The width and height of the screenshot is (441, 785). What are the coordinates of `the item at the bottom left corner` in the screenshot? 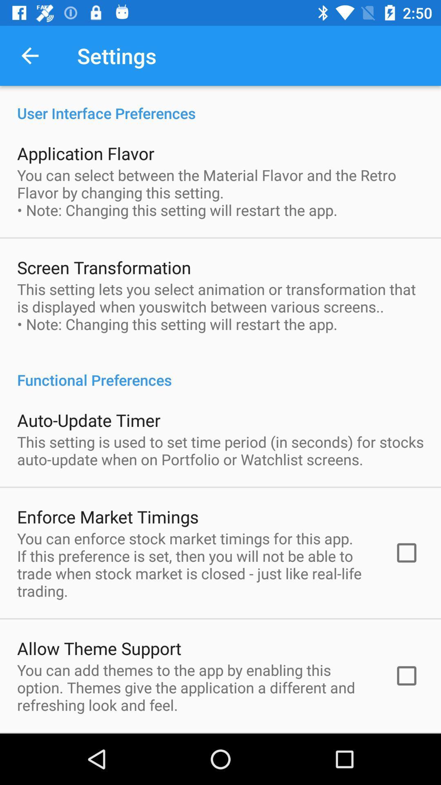 It's located at (99, 648).